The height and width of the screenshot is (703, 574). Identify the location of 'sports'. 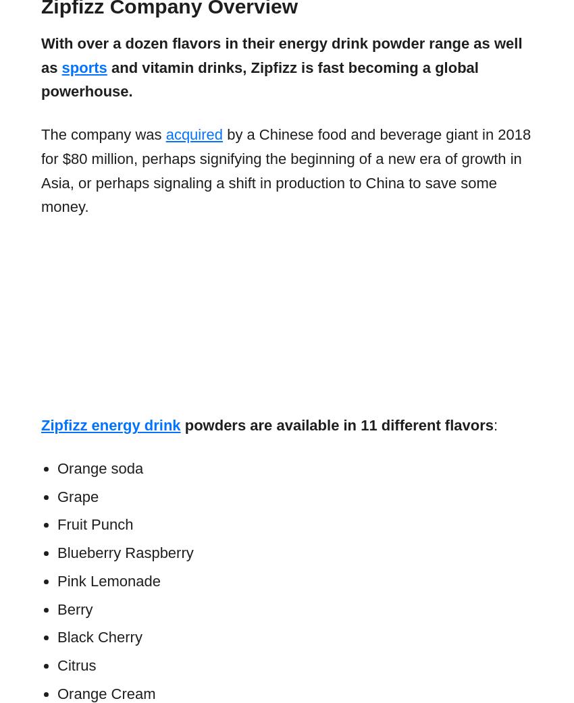
(61, 67).